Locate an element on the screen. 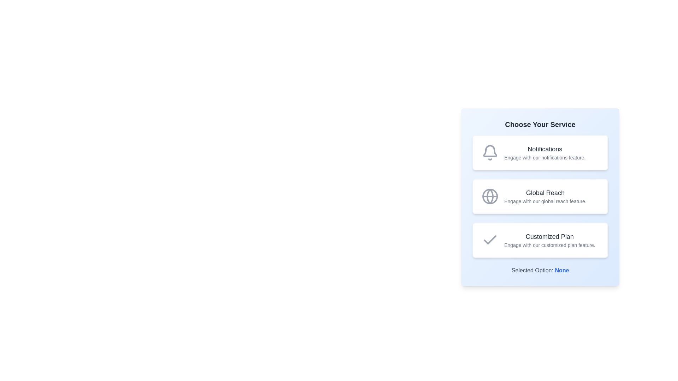 Image resolution: width=678 pixels, height=381 pixels. the informational card for 'Global Reach' located in the 'Choose Your Service' section is located at coordinates (540, 196).